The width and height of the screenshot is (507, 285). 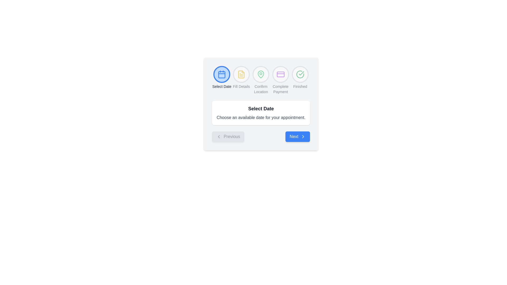 I want to click on the yellow document-like icon button located at the top of the modal, which is the second button from the left, so click(x=241, y=74).